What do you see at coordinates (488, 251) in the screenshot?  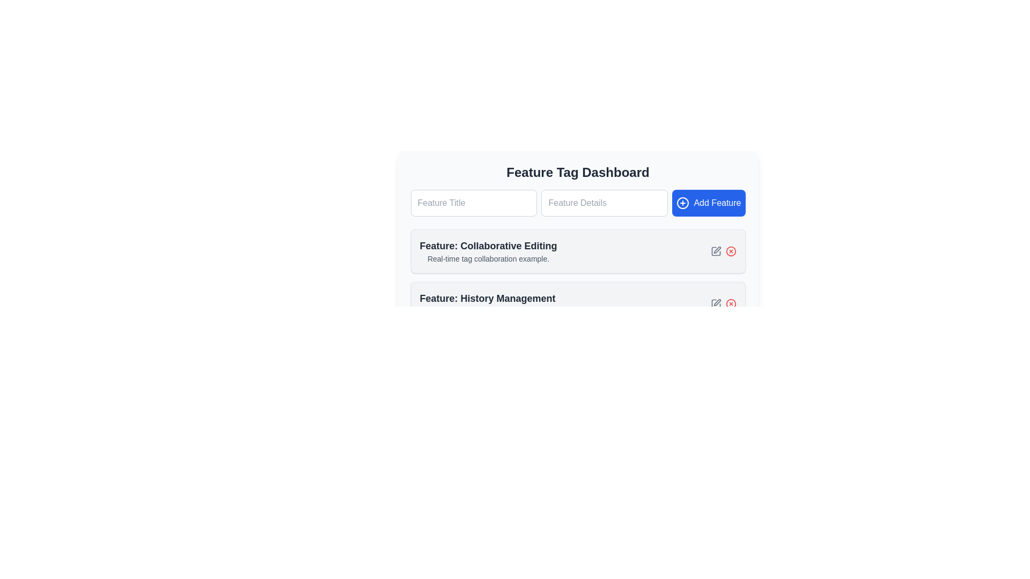 I see `the Text block that serves as a descriptive title and subtitle for a feature, located near the top-middle section of the interface, above the 'Feature: History Management' section` at bounding box center [488, 251].